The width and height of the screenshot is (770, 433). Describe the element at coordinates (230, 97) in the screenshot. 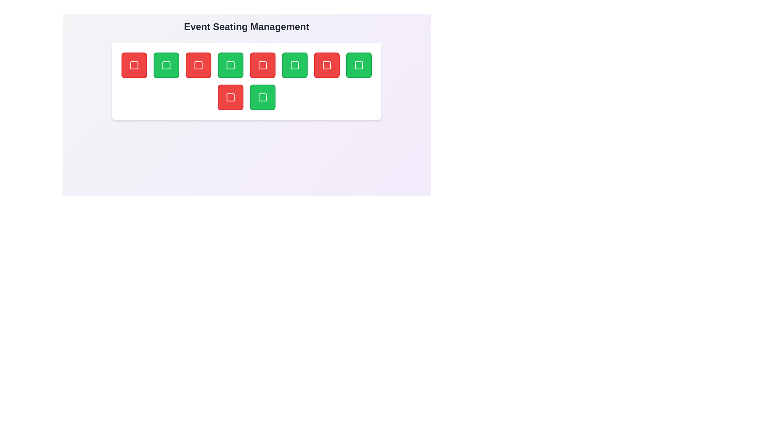

I see `the visual state of the bright red, rounded square icon located in the bottom row, second column of the grid` at that location.